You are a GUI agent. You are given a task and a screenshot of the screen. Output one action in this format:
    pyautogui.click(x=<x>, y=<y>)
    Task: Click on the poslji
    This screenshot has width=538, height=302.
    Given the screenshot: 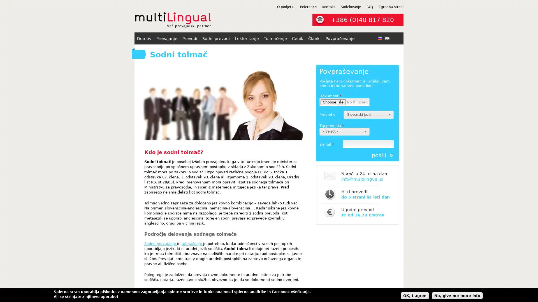 What is the action you would take?
    pyautogui.click(x=382, y=155)
    